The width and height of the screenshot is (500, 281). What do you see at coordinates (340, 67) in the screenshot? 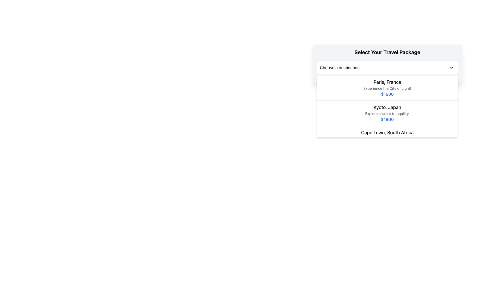
I see `text label that prompts users to select a destination in the 'Select Your Travel Package' dropdown menu, located in the rectangular white box` at bounding box center [340, 67].